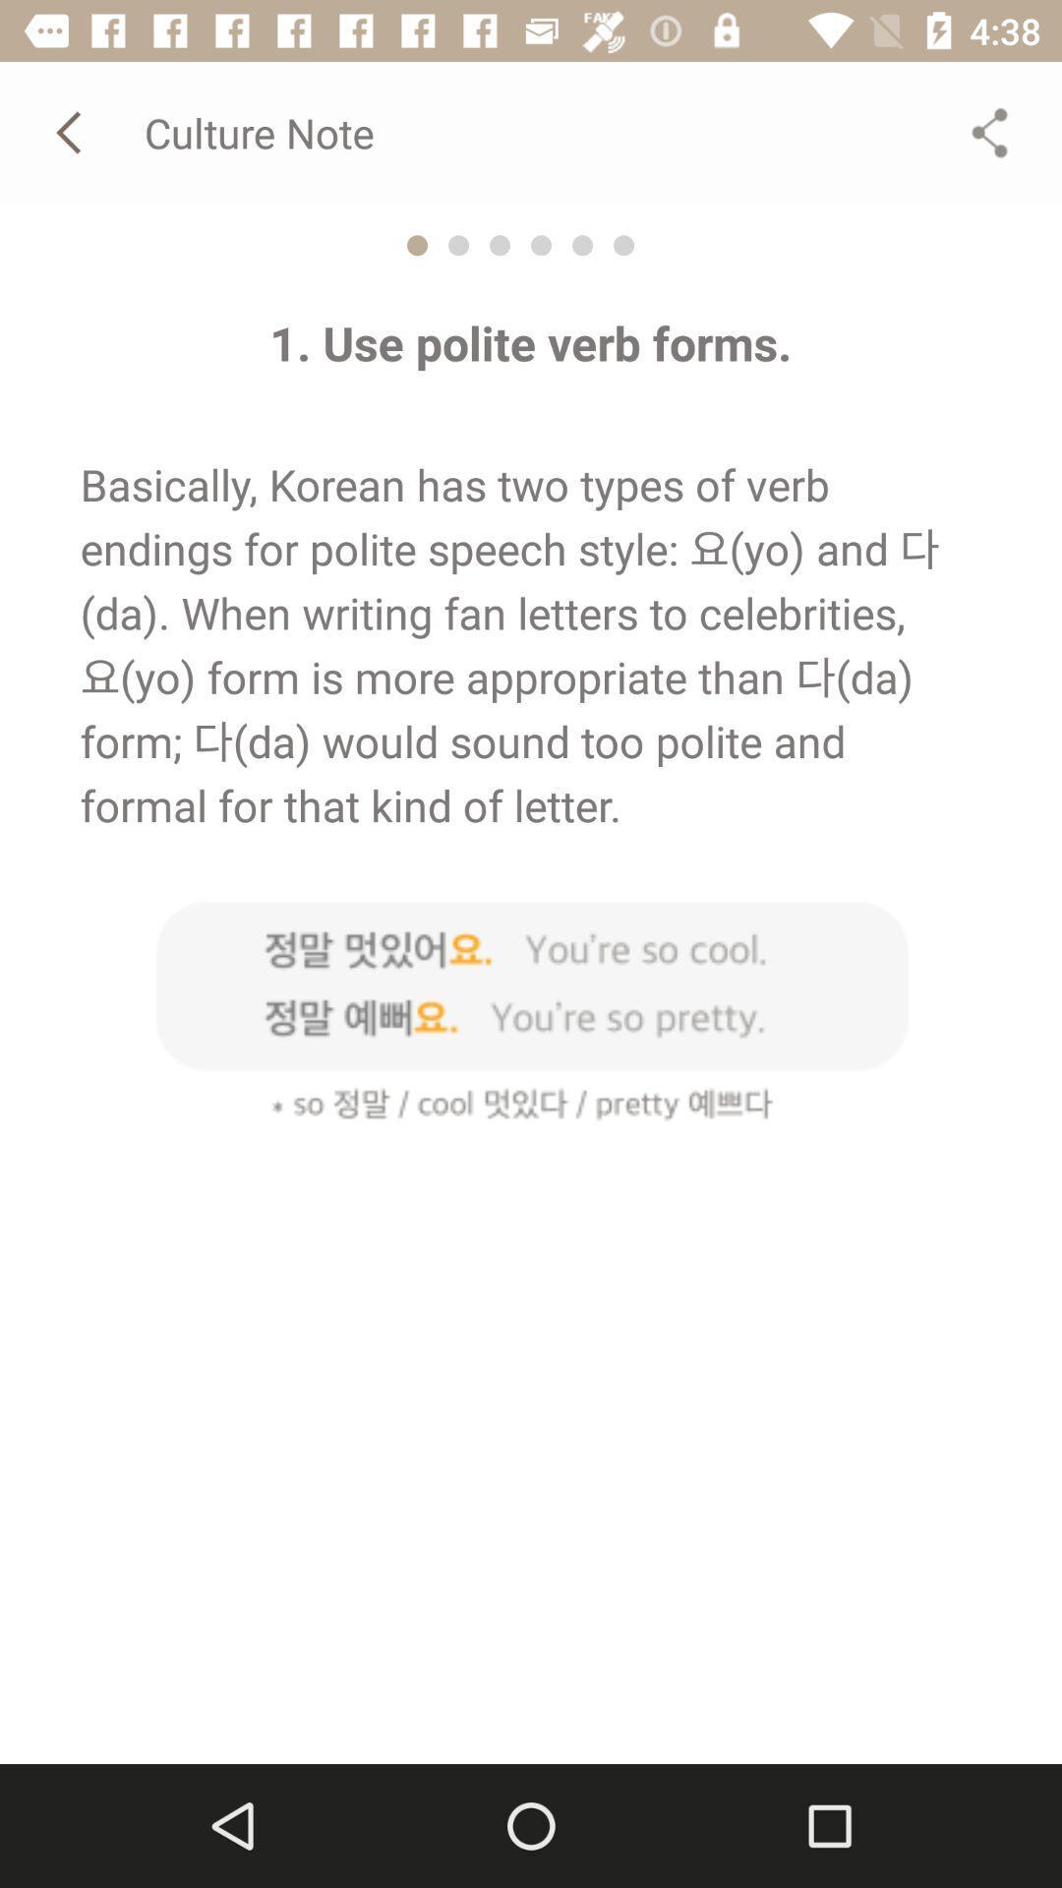  Describe the element at coordinates (71, 132) in the screenshot. I see `the arrow button to the immediate left of culture note` at that location.